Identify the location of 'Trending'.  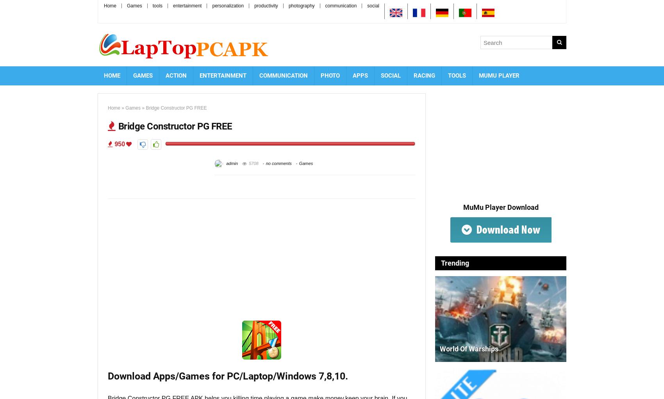
(455, 262).